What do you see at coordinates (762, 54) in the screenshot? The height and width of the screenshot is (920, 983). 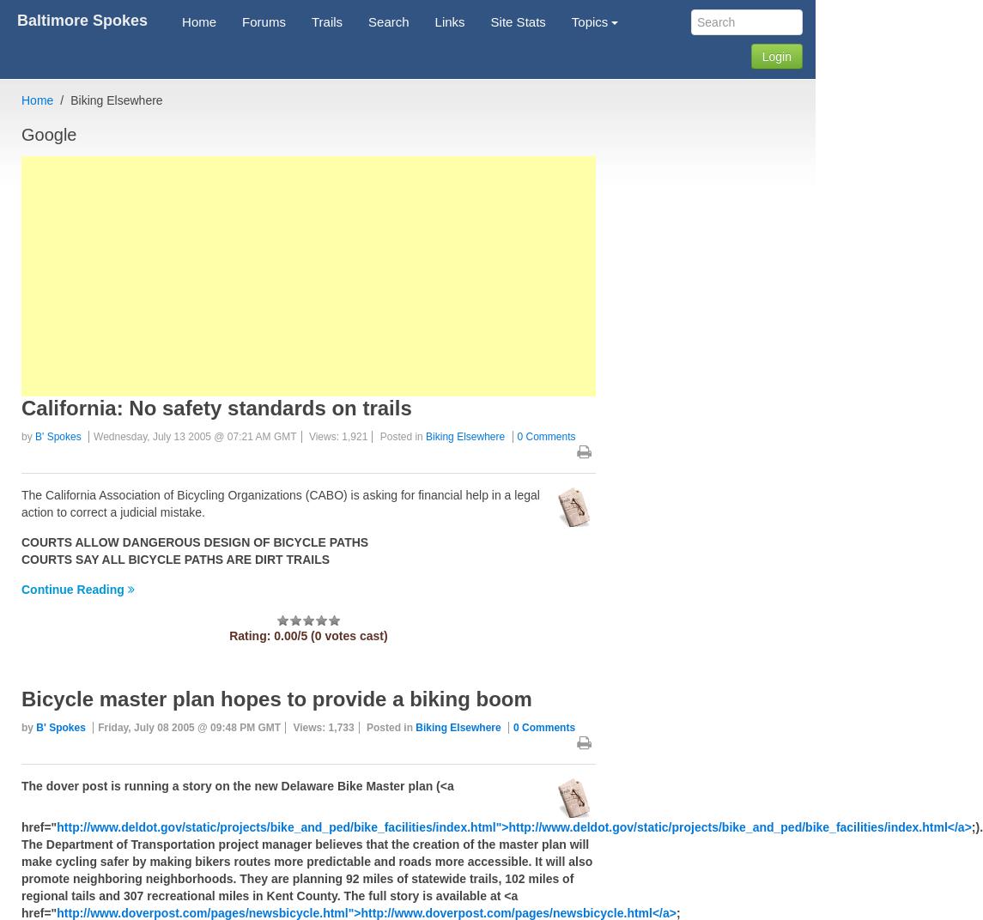 I see `'Login'` at bounding box center [762, 54].